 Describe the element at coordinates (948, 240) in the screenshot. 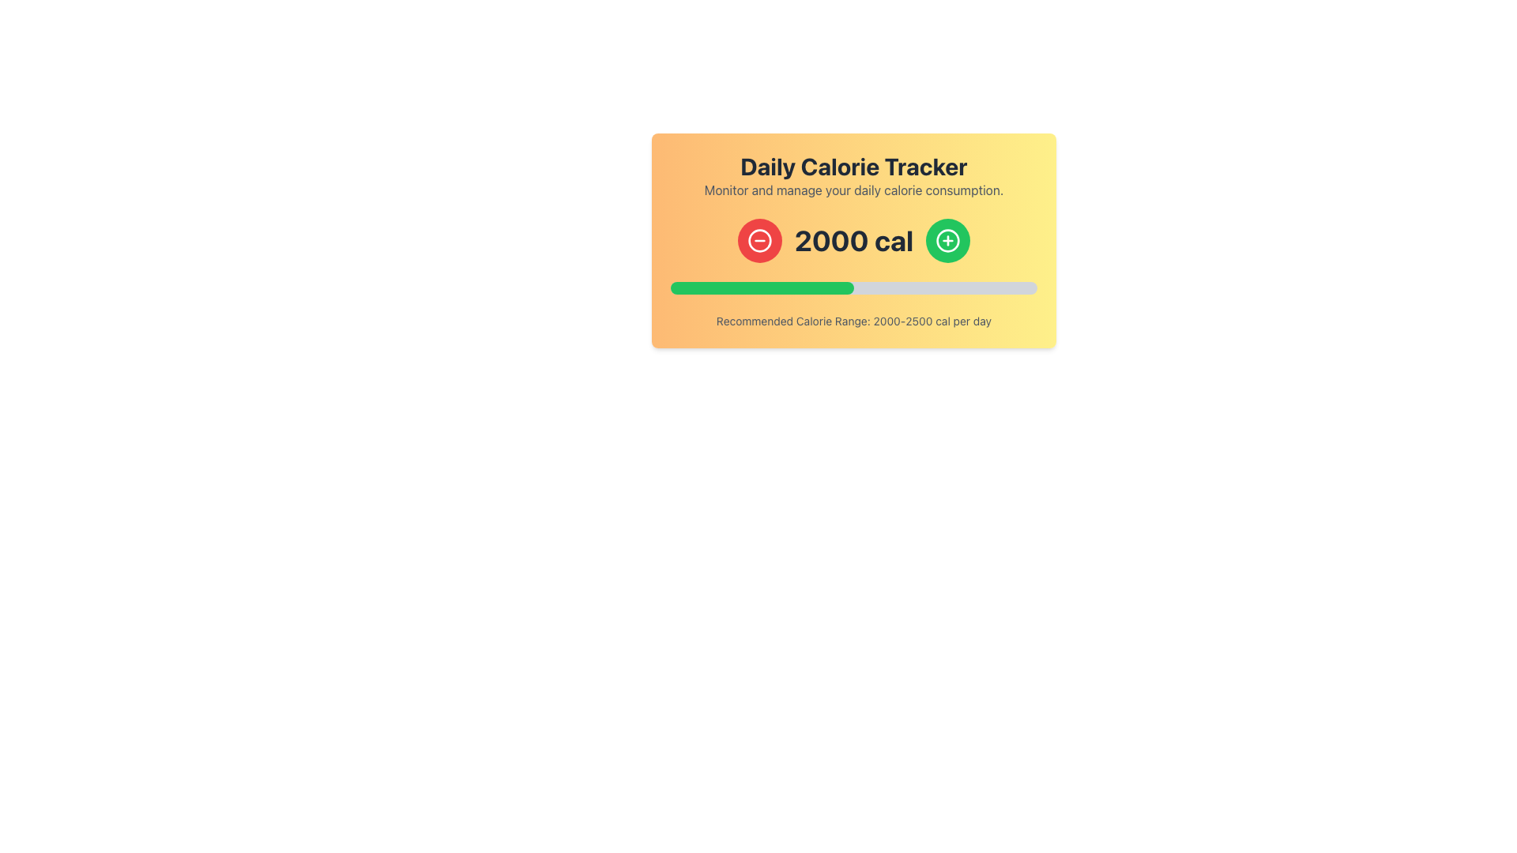

I see `the distinctive green circular icon with a white plus sign located beside the '2000 cal' text in the calorie tracker interface` at that location.